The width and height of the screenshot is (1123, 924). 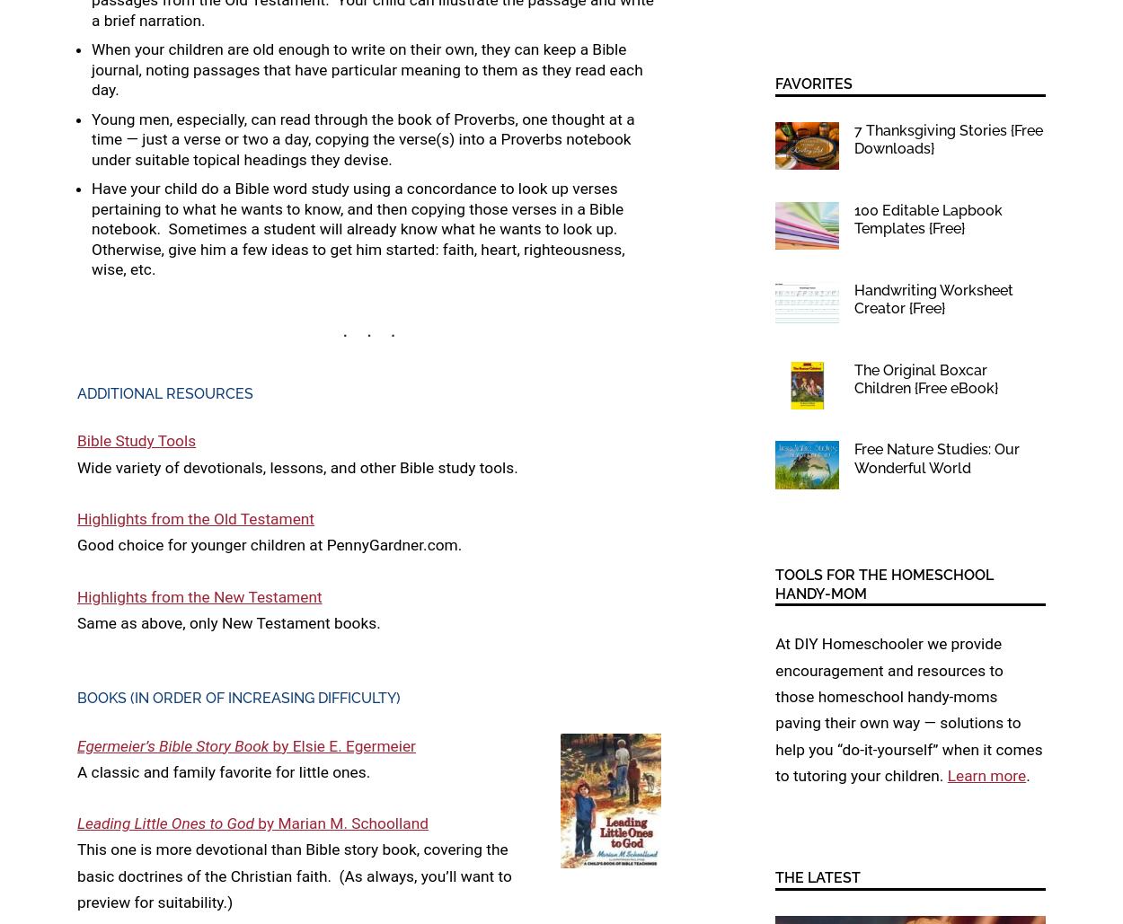 What do you see at coordinates (933, 298) in the screenshot?
I see `'Handwriting Worksheet Creator {Free}'` at bounding box center [933, 298].